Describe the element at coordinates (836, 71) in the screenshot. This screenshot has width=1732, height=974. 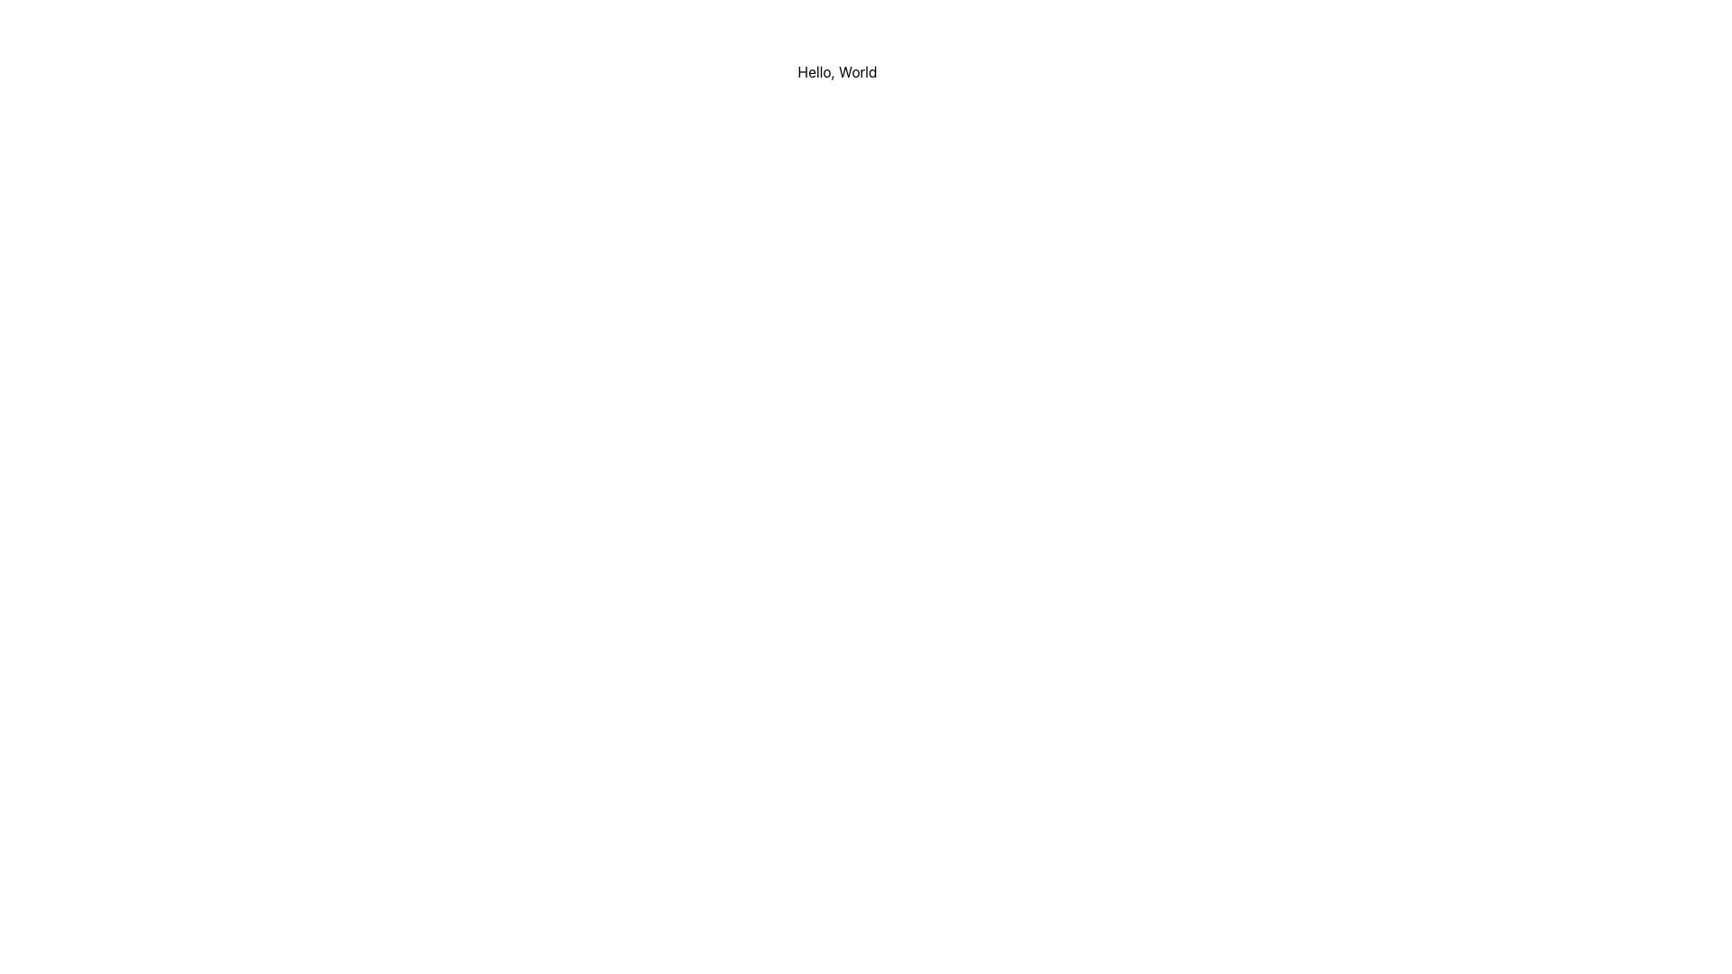
I see `the static text element that serves as a title or informational display, located near the top of the layout` at that location.